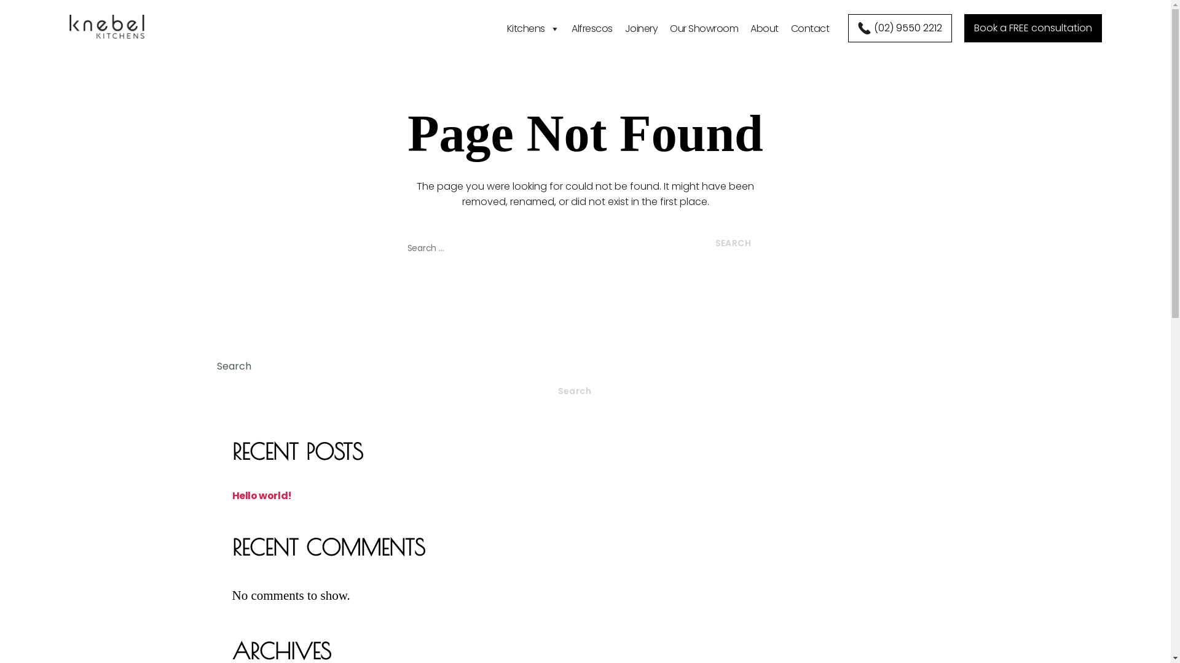  I want to click on 'Search', so click(733, 244).